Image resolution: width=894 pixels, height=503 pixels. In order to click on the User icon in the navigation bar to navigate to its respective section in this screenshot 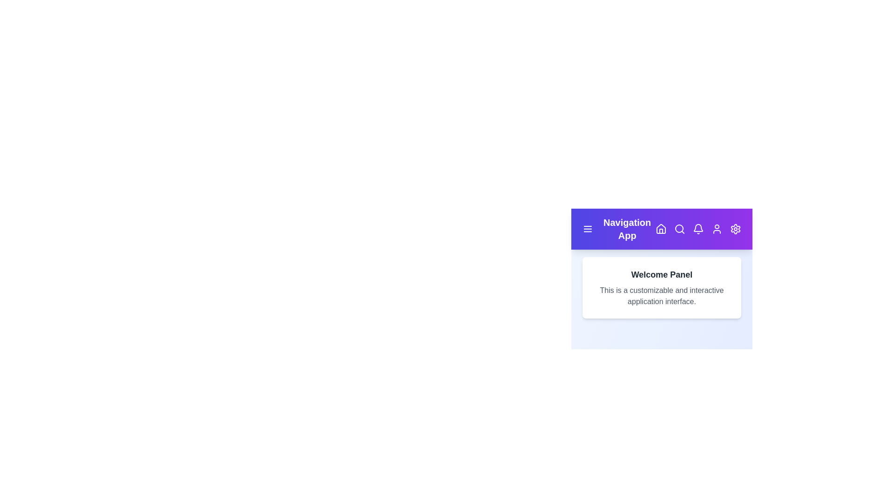, I will do `click(717, 229)`.